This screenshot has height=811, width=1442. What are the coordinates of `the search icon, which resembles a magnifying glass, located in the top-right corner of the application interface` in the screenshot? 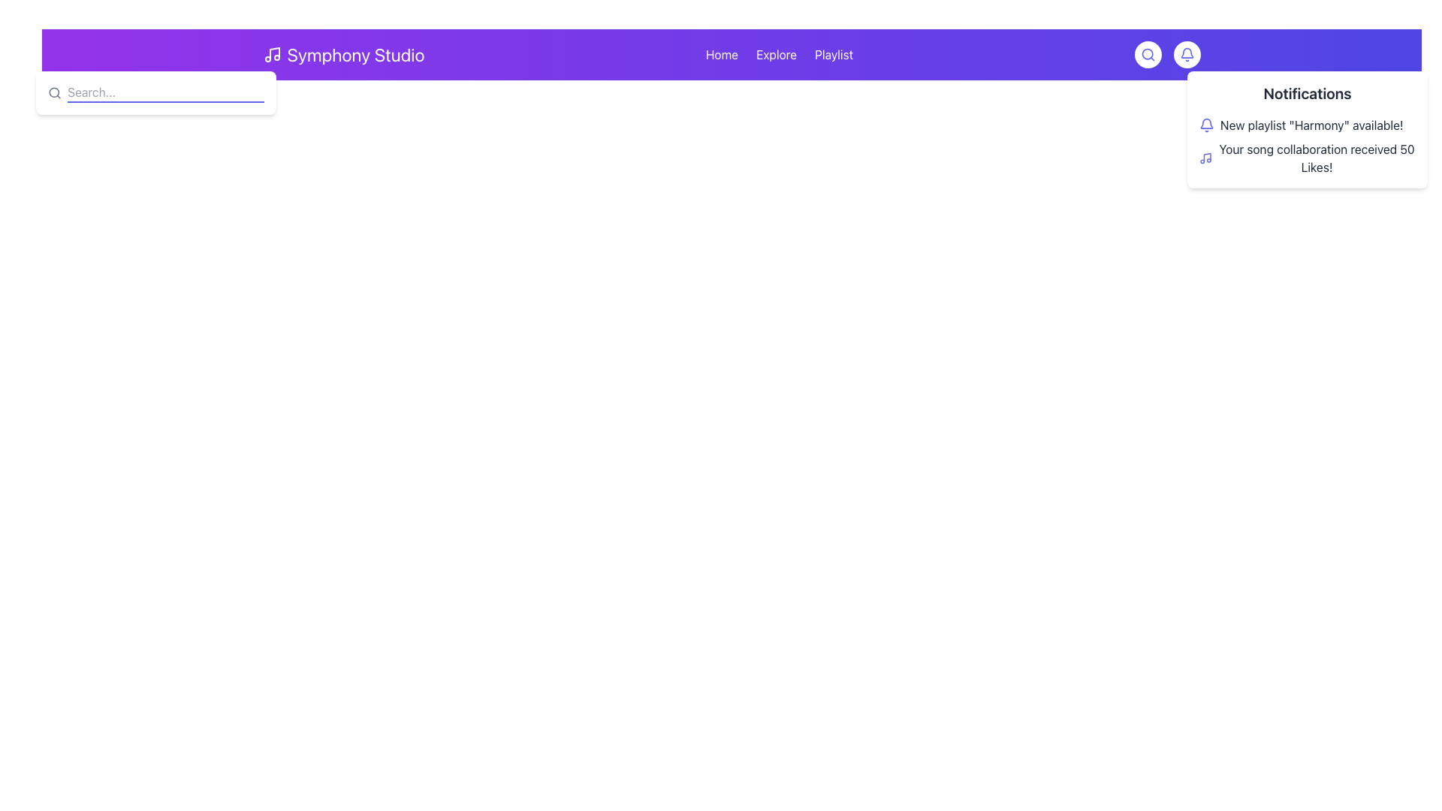 It's located at (1147, 54).